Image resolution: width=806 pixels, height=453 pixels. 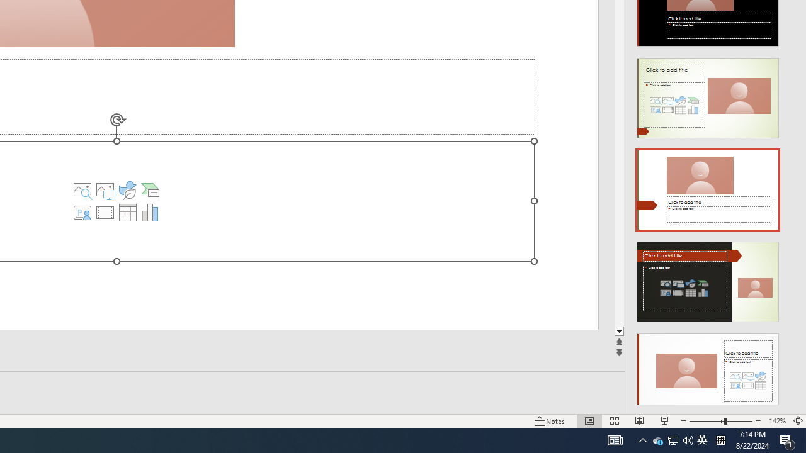 What do you see at coordinates (720, 421) in the screenshot?
I see `'Zoom'` at bounding box center [720, 421].